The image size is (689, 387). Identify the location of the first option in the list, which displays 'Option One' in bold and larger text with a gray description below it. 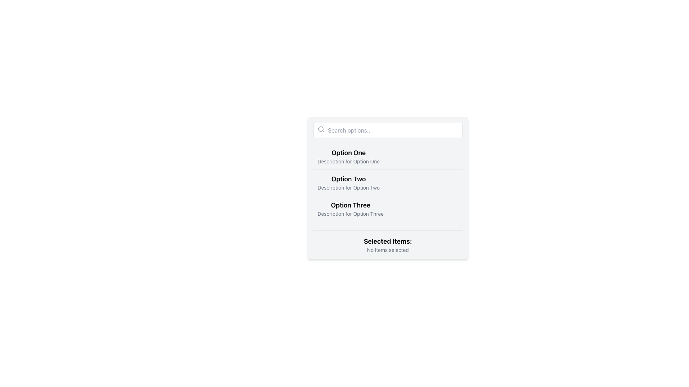
(348, 156).